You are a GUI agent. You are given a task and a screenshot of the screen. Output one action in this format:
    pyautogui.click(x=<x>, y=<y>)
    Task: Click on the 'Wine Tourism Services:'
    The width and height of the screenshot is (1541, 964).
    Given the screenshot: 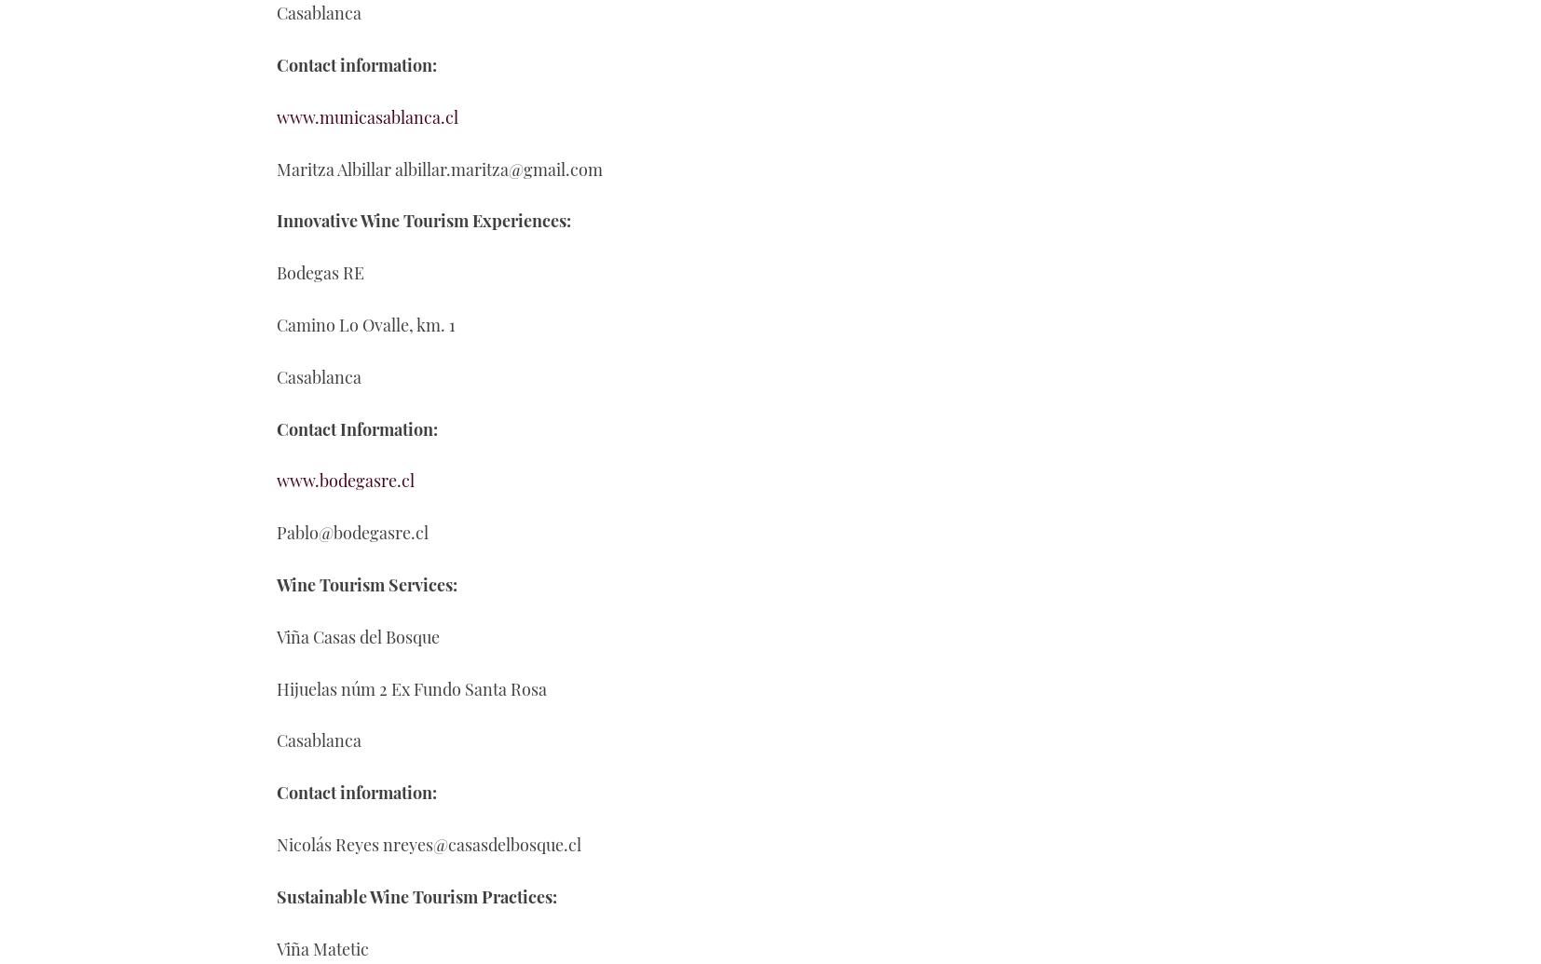 What is the action you would take?
    pyautogui.click(x=365, y=584)
    